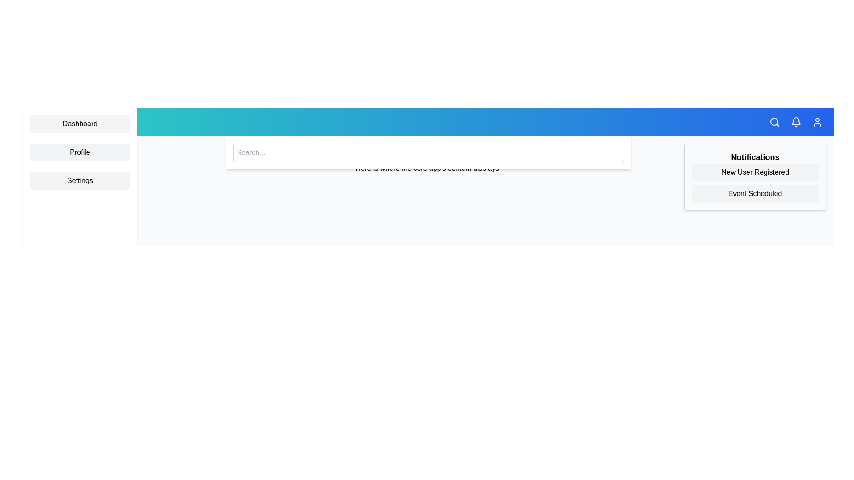 The image size is (854, 480). What do you see at coordinates (755, 172) in the screenshot?
I see `the text label notifying the user about a new registration event, located in the Notifications section at the top-right corner of the interface` at bounding box center [755, 172].